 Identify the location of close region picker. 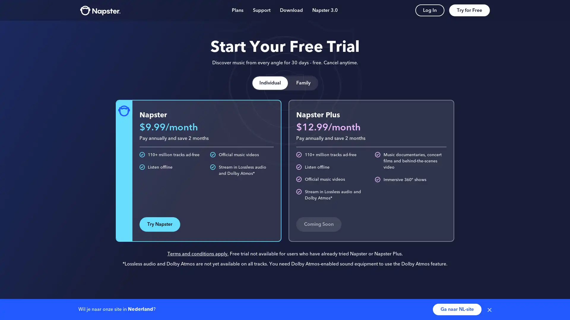
(490, 309).